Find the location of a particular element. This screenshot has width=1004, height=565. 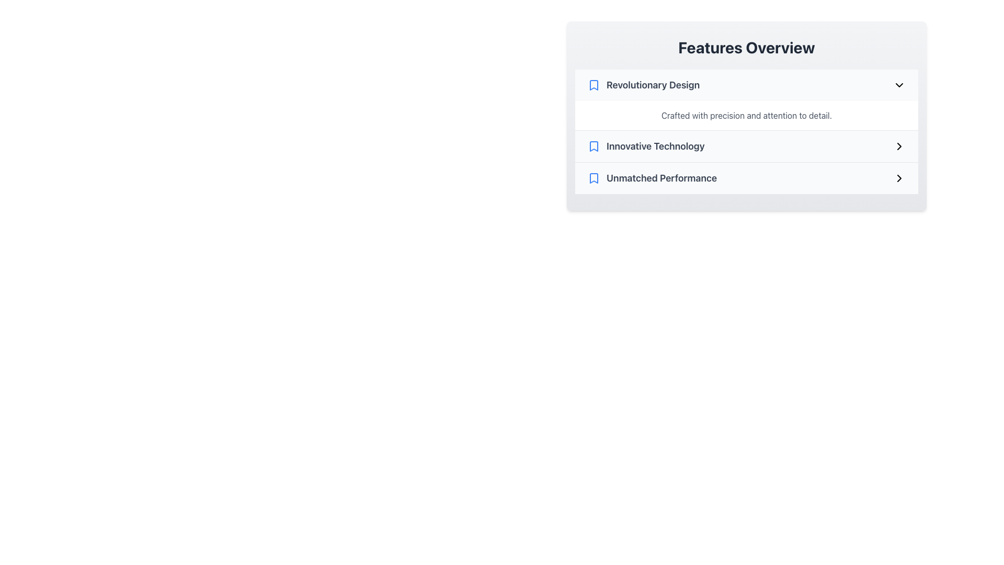

the right-oriented chevron-shaped vector icon within the 'Features Overview' section, adjacent to the 'Innovative Technology' list item text label is located at coordinates (898, 146).